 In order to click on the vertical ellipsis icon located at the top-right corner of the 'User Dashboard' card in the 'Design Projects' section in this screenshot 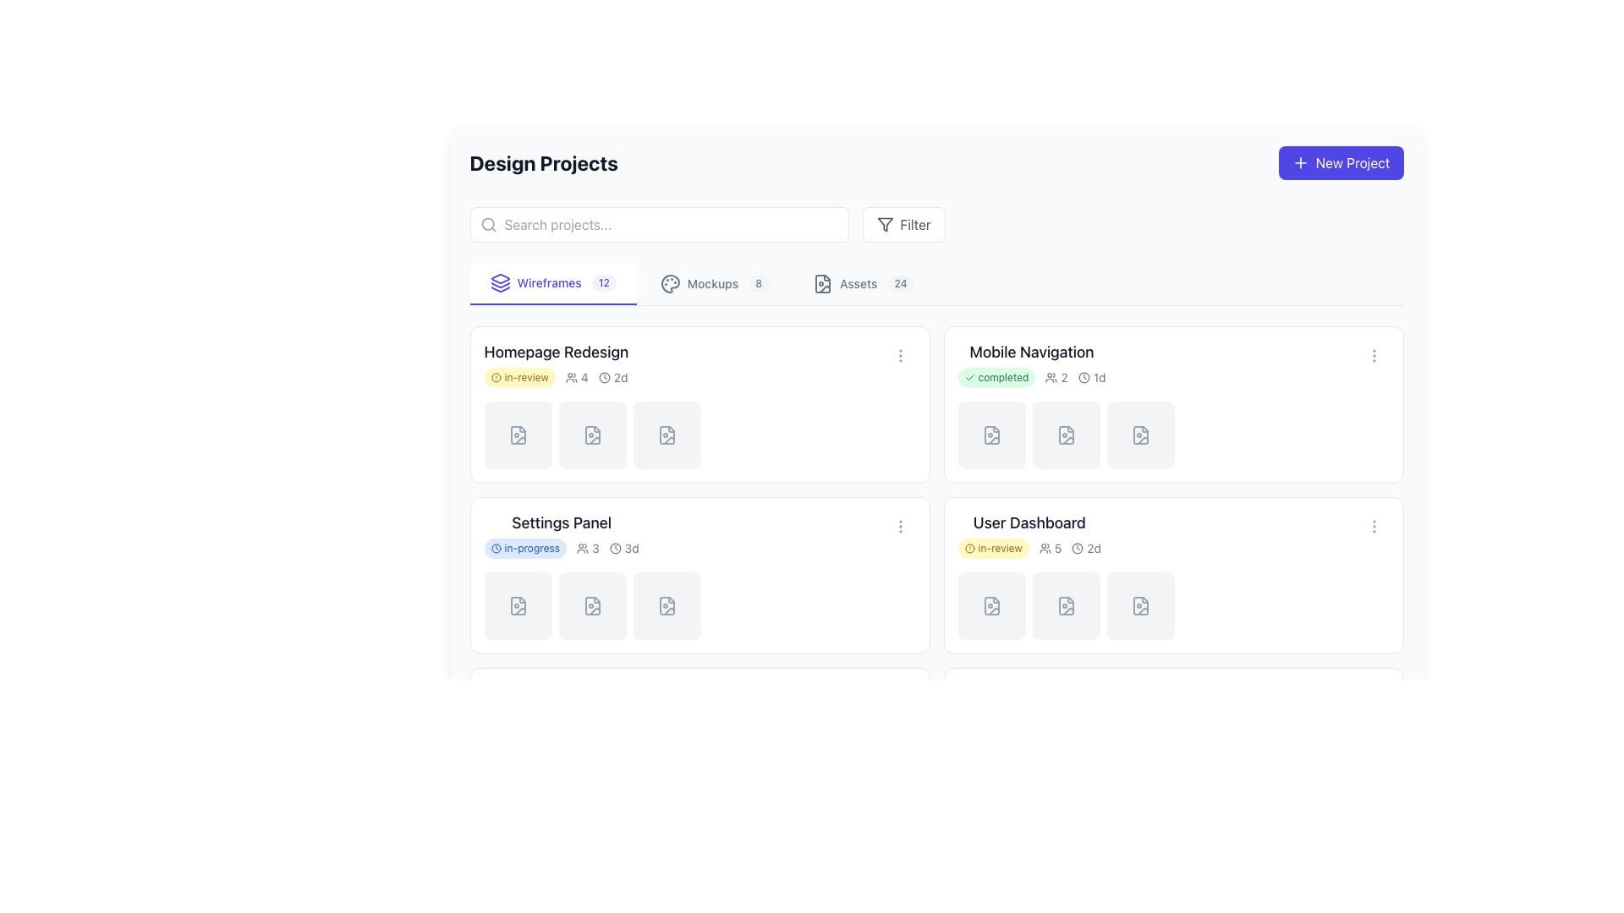, I will do `click(1374, 526)`.